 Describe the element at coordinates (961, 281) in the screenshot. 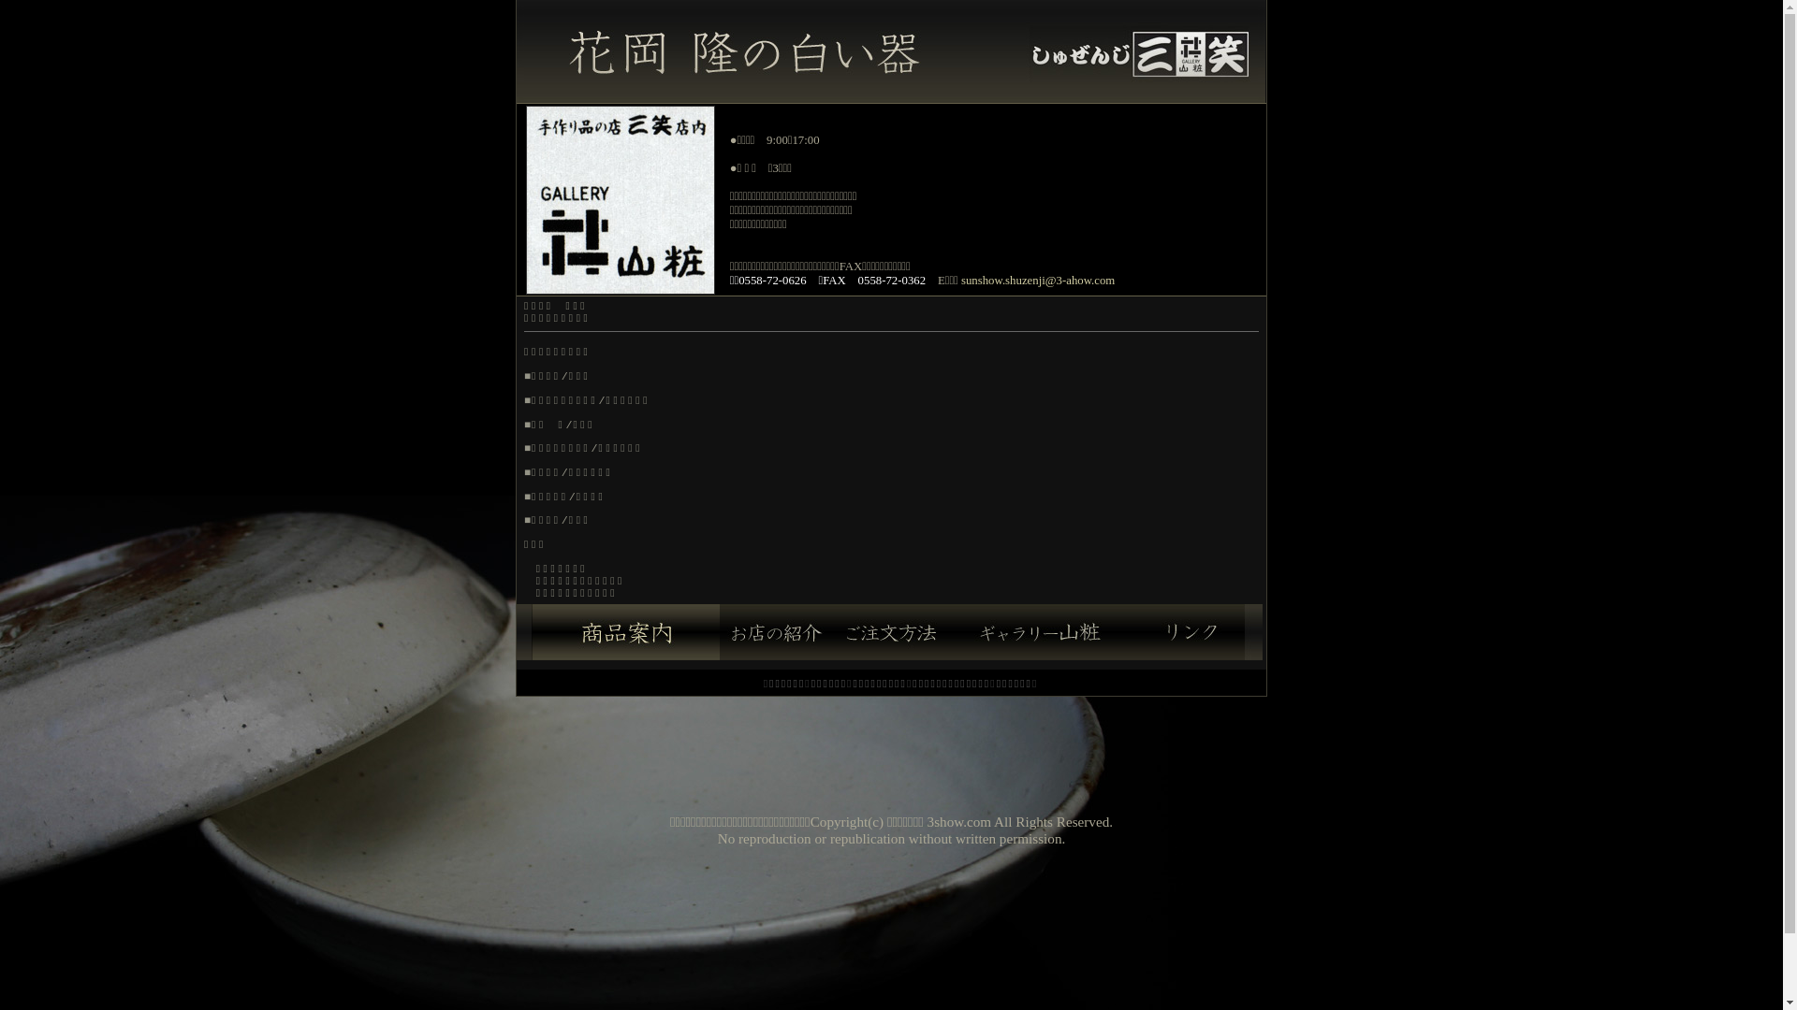

I see `'sunshow.shuzenji@3-ahow.com'` at that location.